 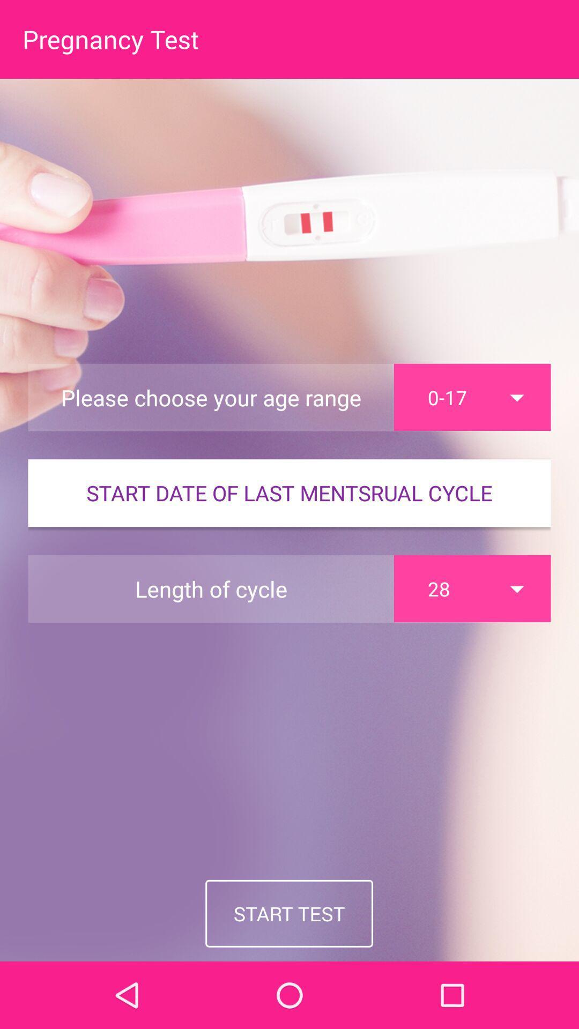 What do you see at coordinates (472, 588) in the screenshot?
I see `28` at bounding box center [472, 588].